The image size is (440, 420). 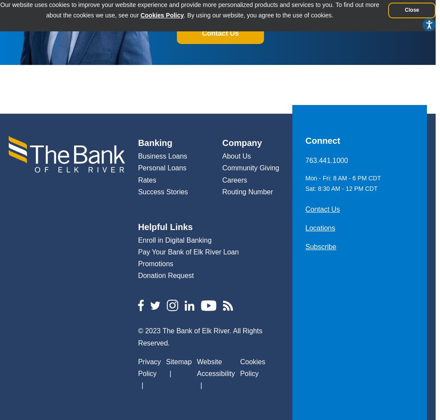 I want to click on 'Our website uses cookies to improve your website experience and provide more personalized products and services to you. To find out more about the cookies we use, see our', so click(x=190, y=10).